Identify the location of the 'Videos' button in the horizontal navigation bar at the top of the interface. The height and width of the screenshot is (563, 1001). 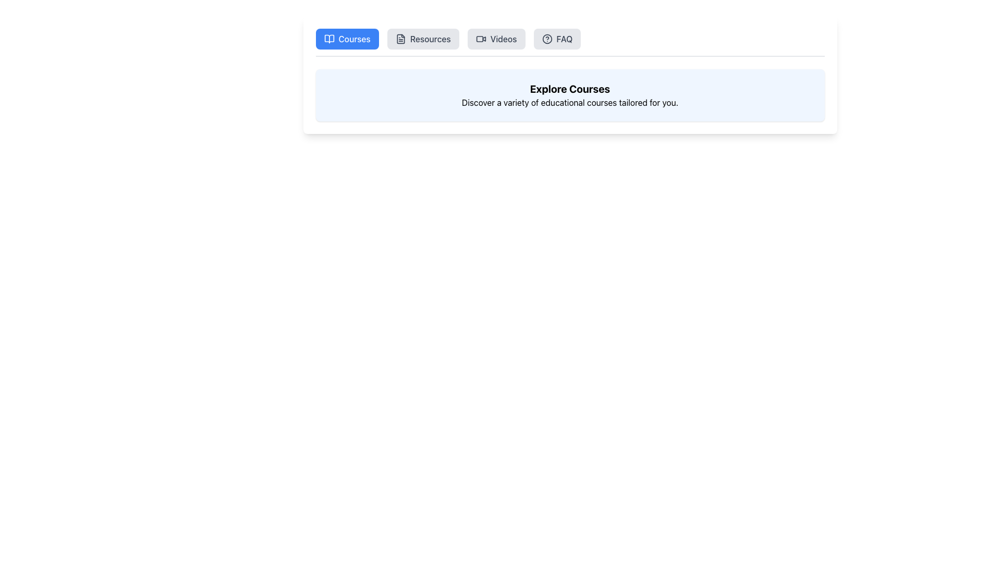
(495, 38).